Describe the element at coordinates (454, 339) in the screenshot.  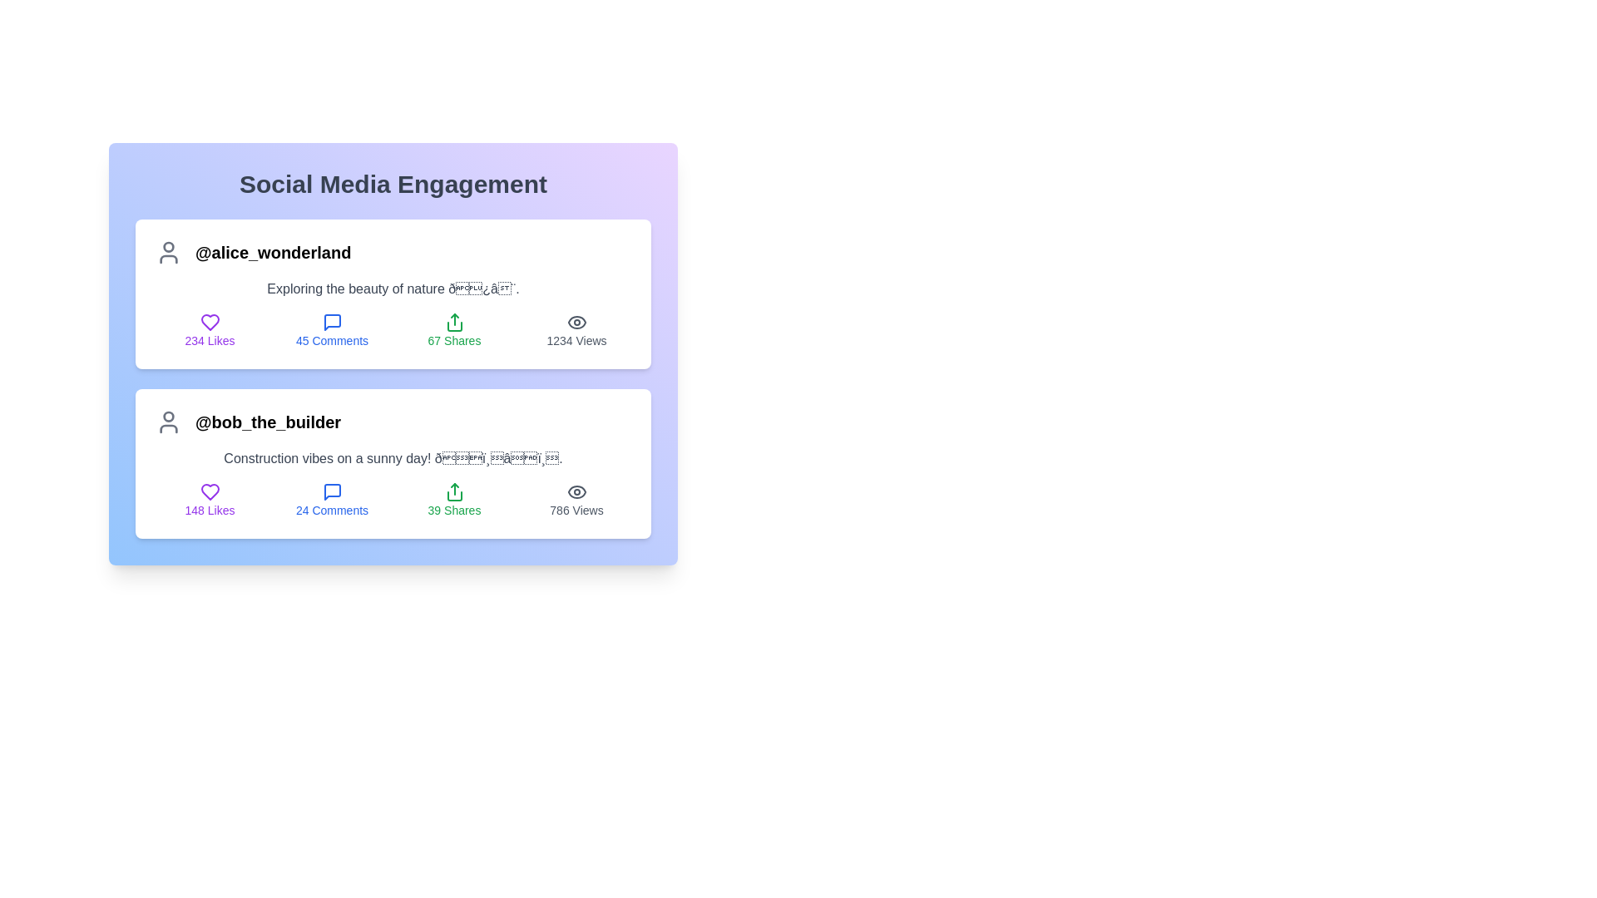
I see `the text label displaying '67 Shares' in green font, which is located below the share icon in the interaction section of the post by '@alice_wonderland'` at that location.